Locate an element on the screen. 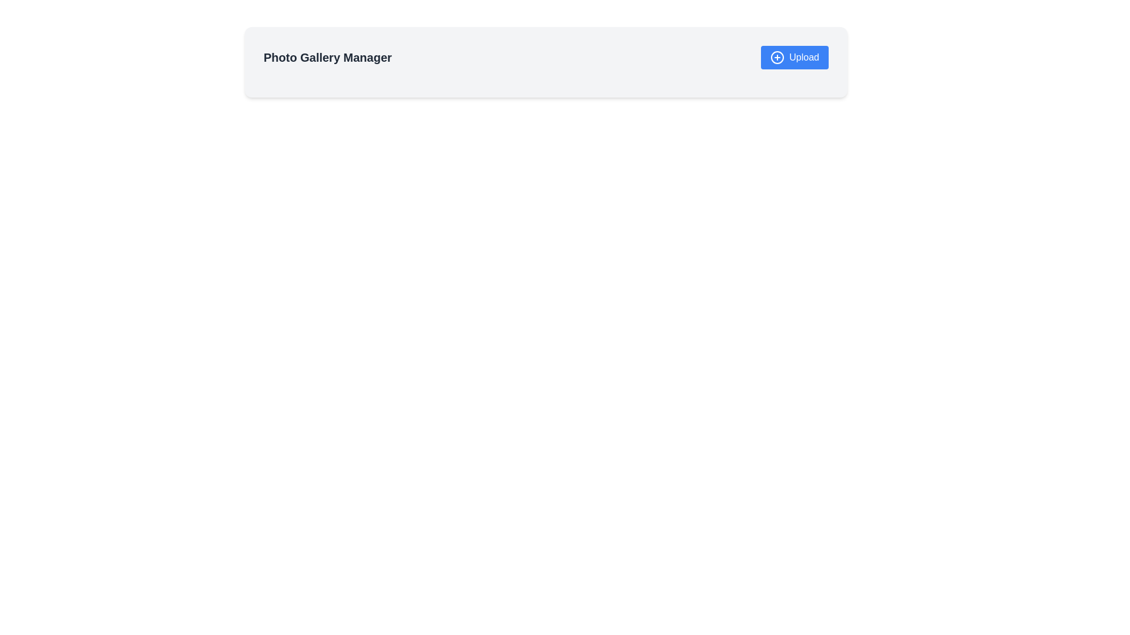 This screenshot has height=635, width=1130. the 'Upload' button with a blue background and white text to initiate an upload is located at coordinates (795, 57).